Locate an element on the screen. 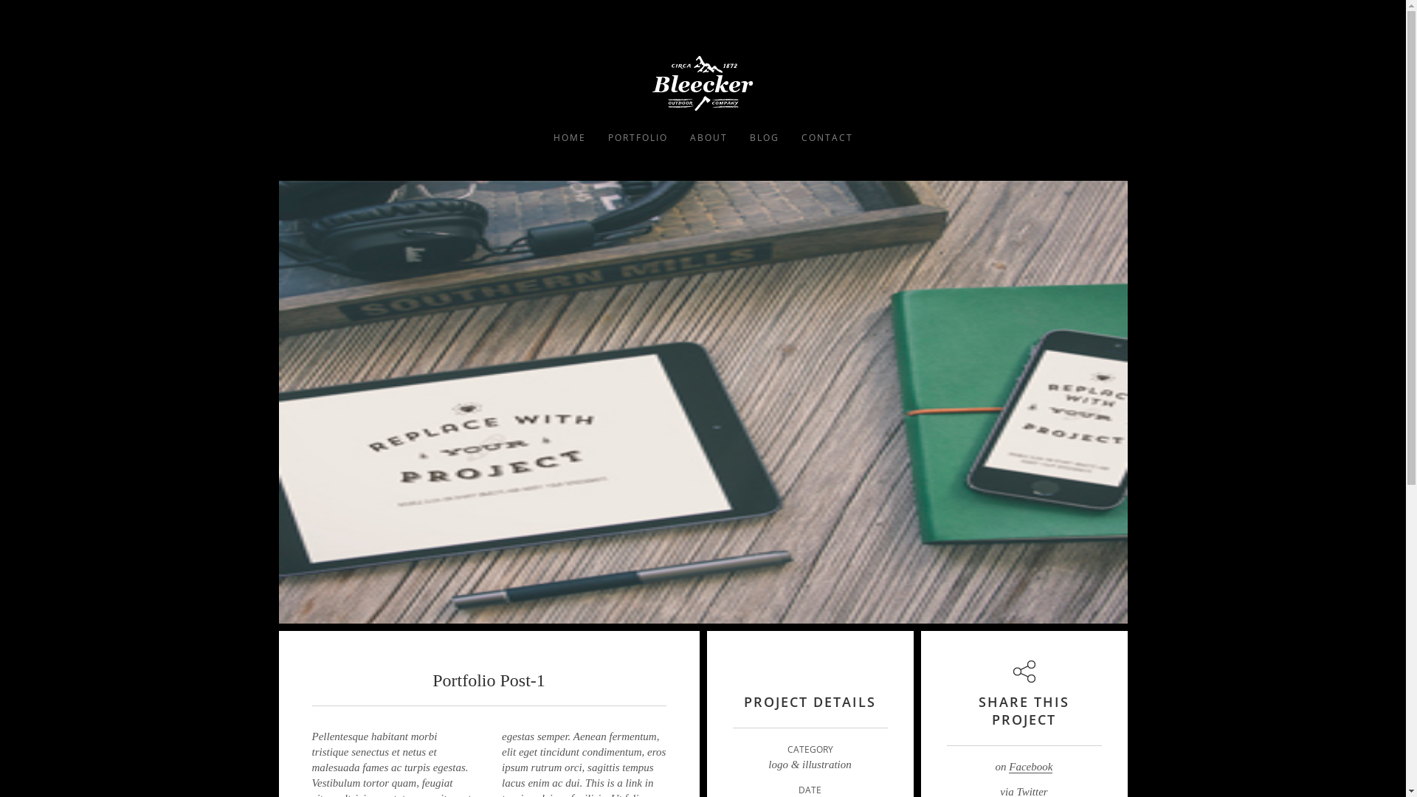 This screenshot has height=797, width=1417. 'ABOUT' is located at coordinates (708, 137).